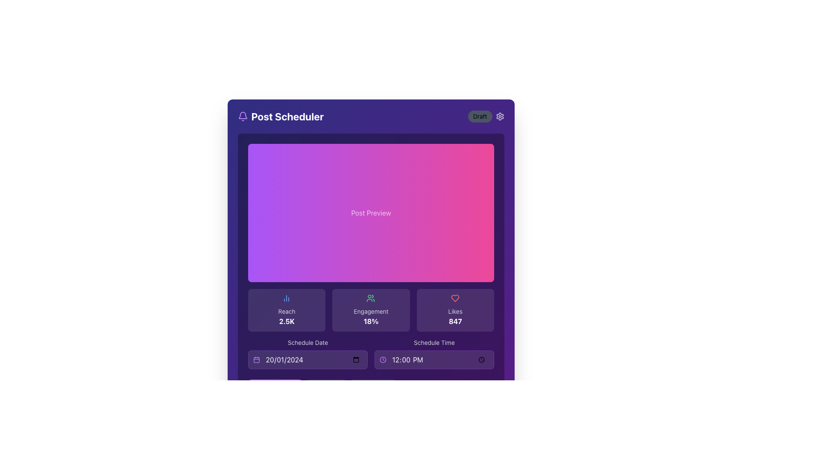 The height and width of the screenshot is (461, 820). What do you see at coordinates (434, 342) in the screenshot?
I see `the contextual label indicating the purpose for selecting a schedule time, which is positioned directly above the time selector input field` at bounding box center [434, 342].